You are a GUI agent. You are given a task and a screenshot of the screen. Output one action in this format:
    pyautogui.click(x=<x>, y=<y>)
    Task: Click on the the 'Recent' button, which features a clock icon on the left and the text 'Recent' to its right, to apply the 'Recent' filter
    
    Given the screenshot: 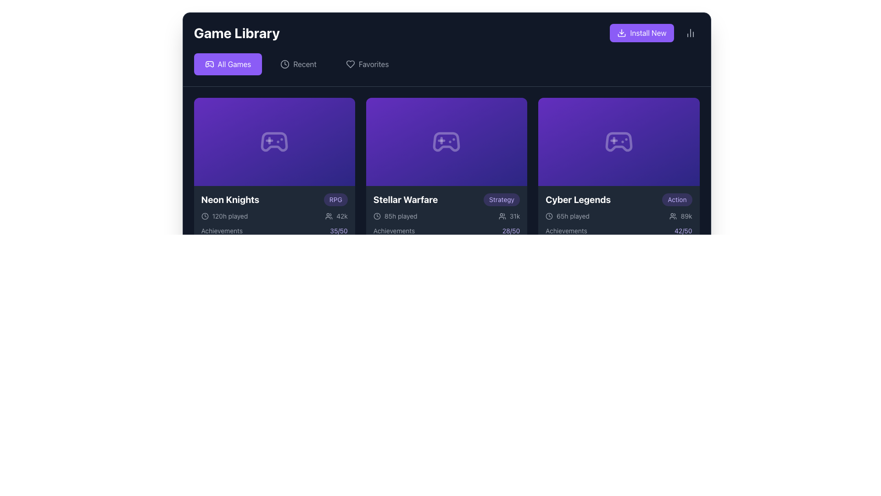 What is the action you would take?
    pyautogui.click(x=298, y=63)
    